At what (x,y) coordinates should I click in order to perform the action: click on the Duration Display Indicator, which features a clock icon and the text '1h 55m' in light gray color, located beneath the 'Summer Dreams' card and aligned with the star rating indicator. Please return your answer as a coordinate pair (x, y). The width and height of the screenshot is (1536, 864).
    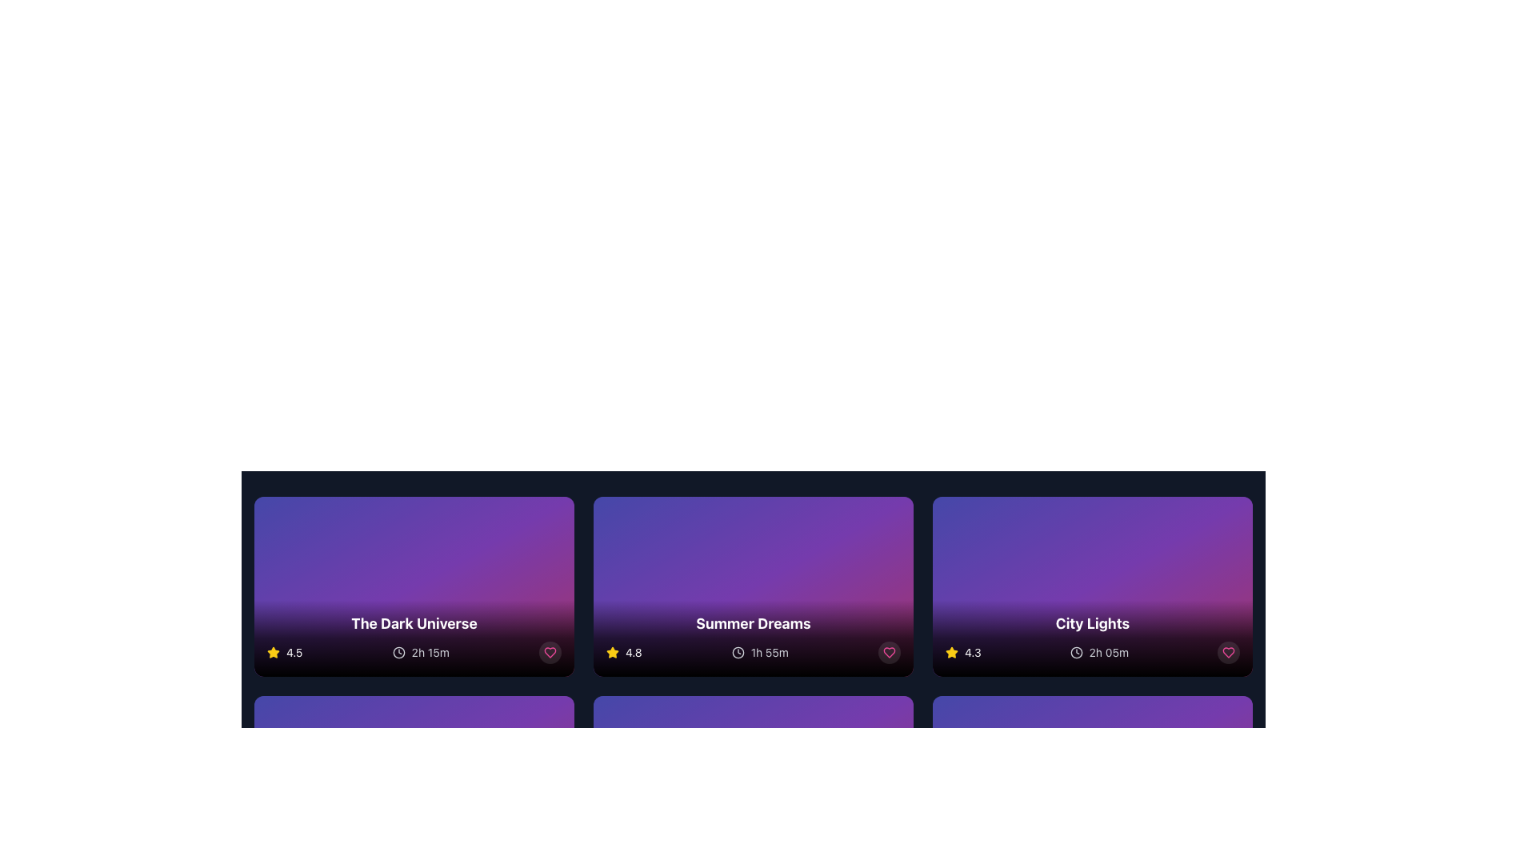
    Looking at the image, I should click on (759, 653).